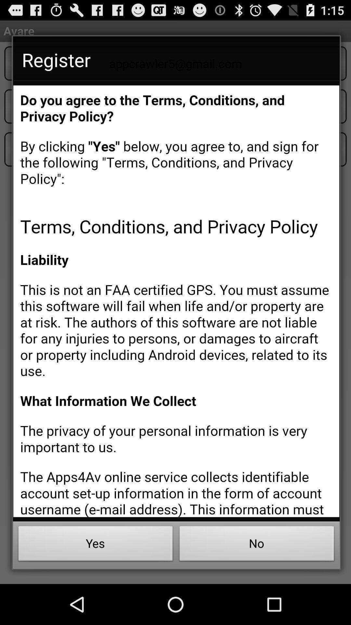  What do you see at coordinates (176, 301) in the screenshot?
I see `highlighting text` at bounding box center [176, 301].